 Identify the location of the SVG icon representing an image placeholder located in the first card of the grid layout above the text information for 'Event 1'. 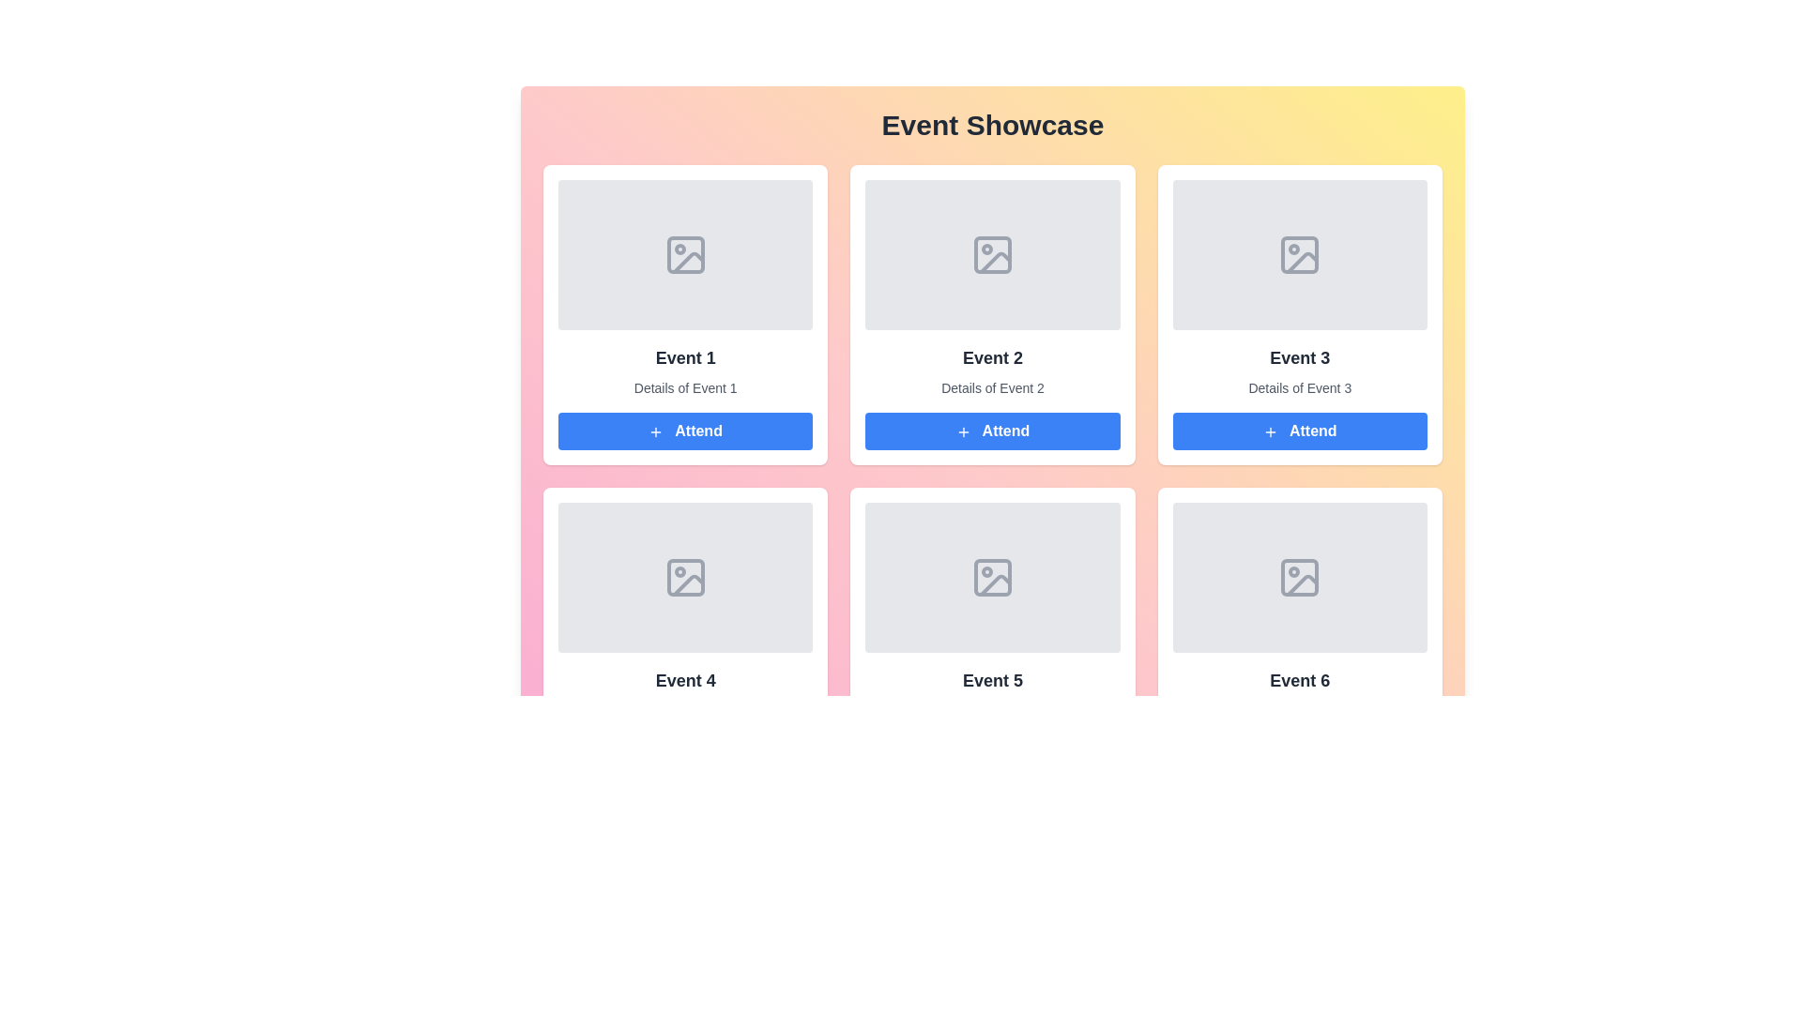
(684, 255).